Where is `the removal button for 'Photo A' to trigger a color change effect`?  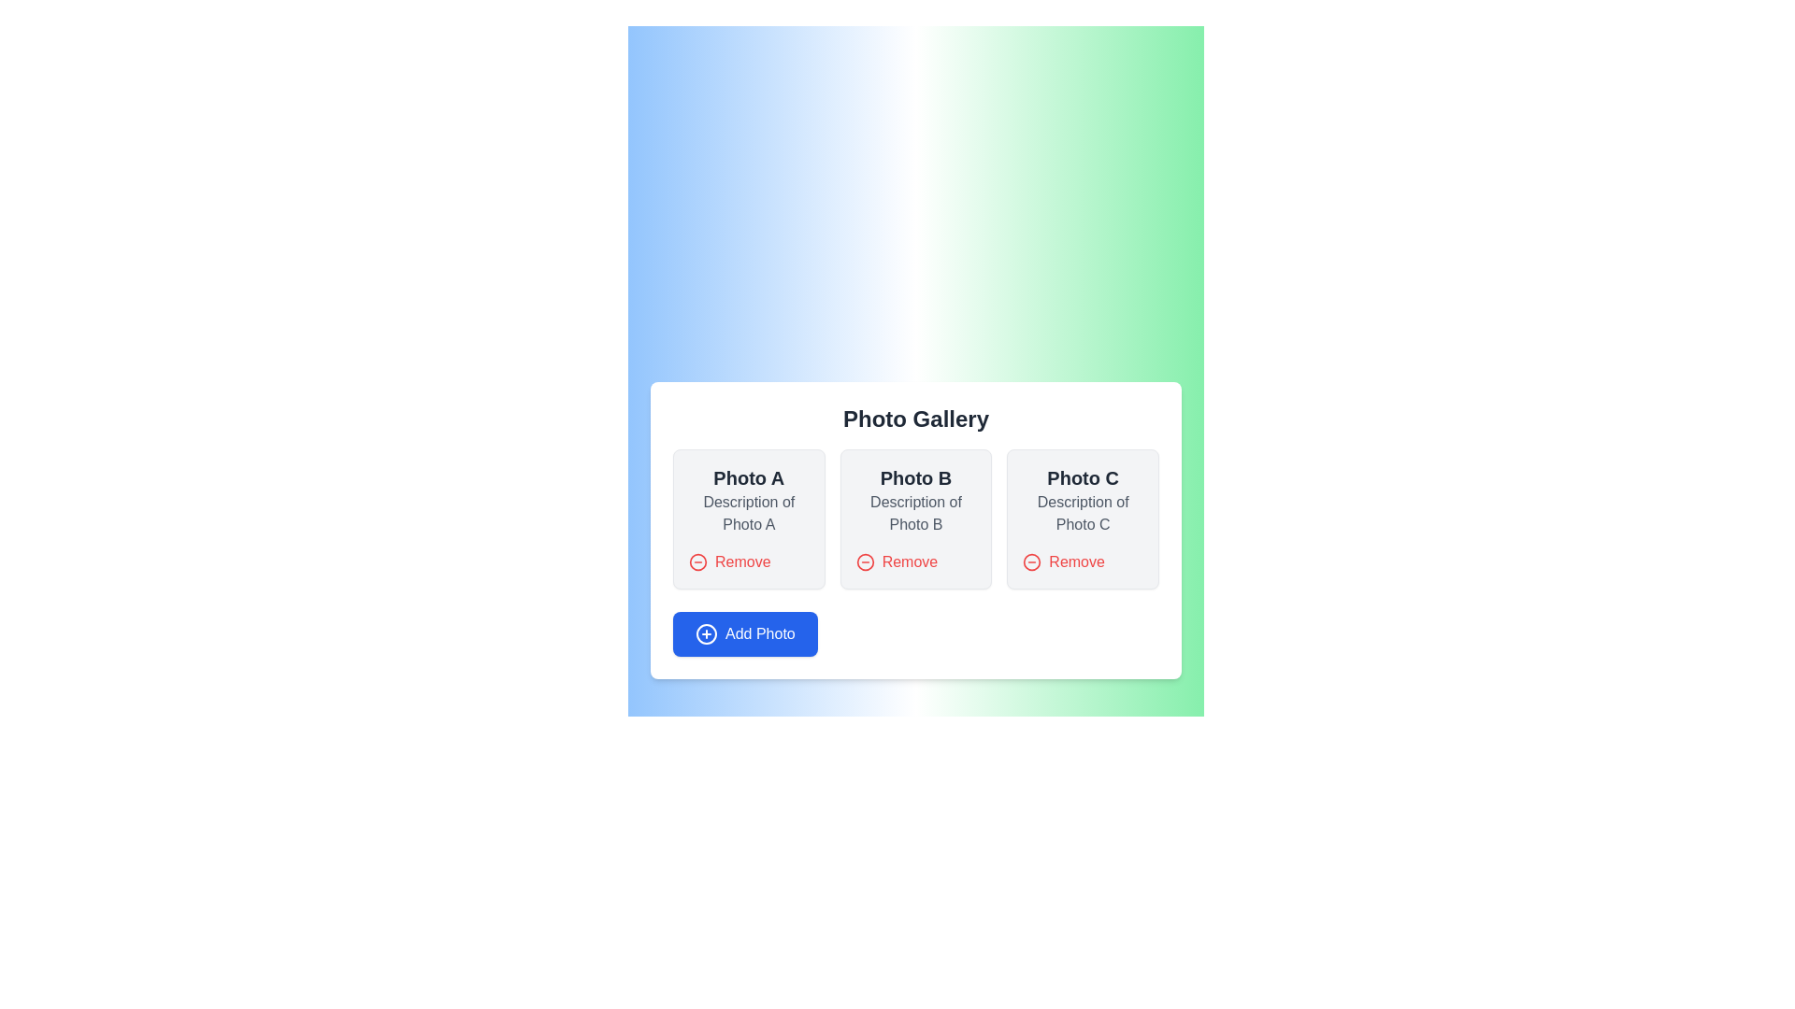 the removal button for 'Photo A' to trigger a color change effect is located at coordinates (728, 561).